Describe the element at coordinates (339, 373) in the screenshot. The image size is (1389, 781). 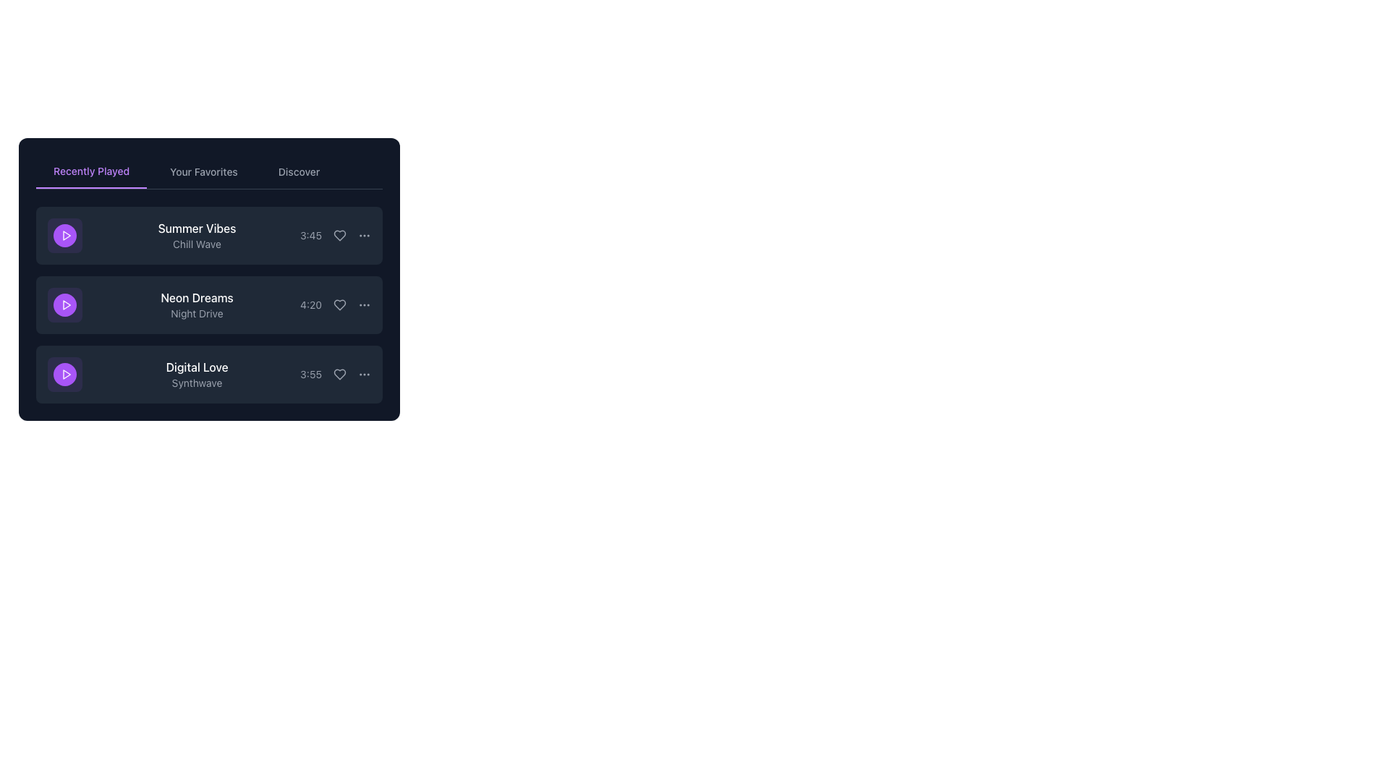
I see `the heart-shaped icon to favorite or unlike the 'Digital Love' song entry, located to the right of the duration text '3:55'` at that location.